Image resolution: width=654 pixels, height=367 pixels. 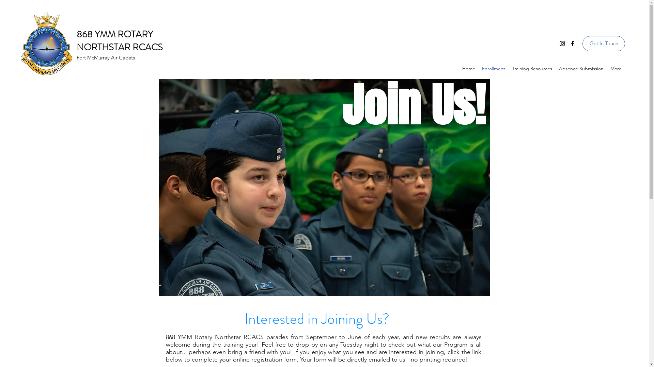 I want to click on 'Get In Touch', so click(x=604, y=43).